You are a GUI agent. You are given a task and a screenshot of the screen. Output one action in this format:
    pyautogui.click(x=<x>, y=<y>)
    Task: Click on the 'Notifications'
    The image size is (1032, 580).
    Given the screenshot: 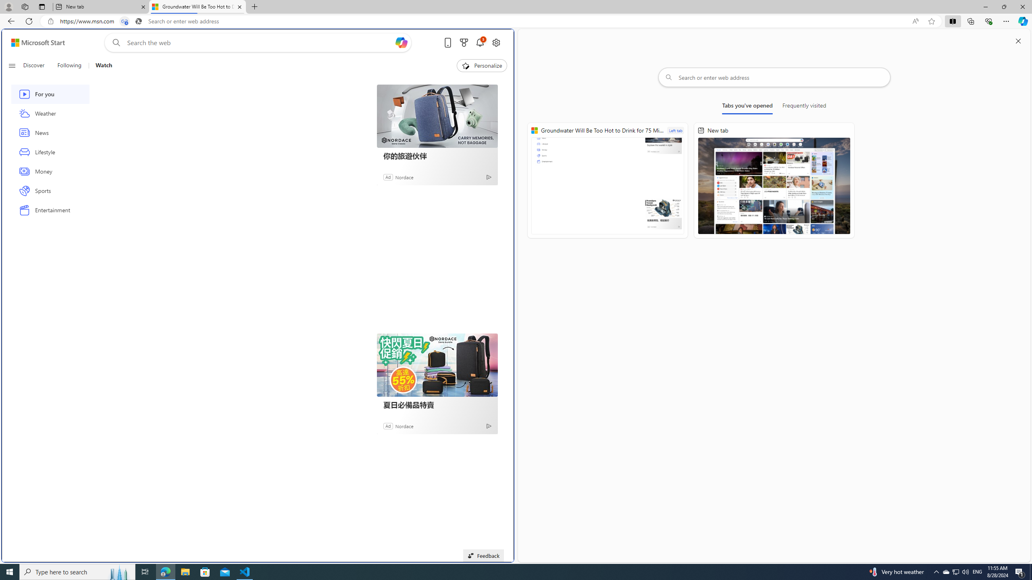 What is the action you would take?
    pyautogui.click(x=480, y=43)
    